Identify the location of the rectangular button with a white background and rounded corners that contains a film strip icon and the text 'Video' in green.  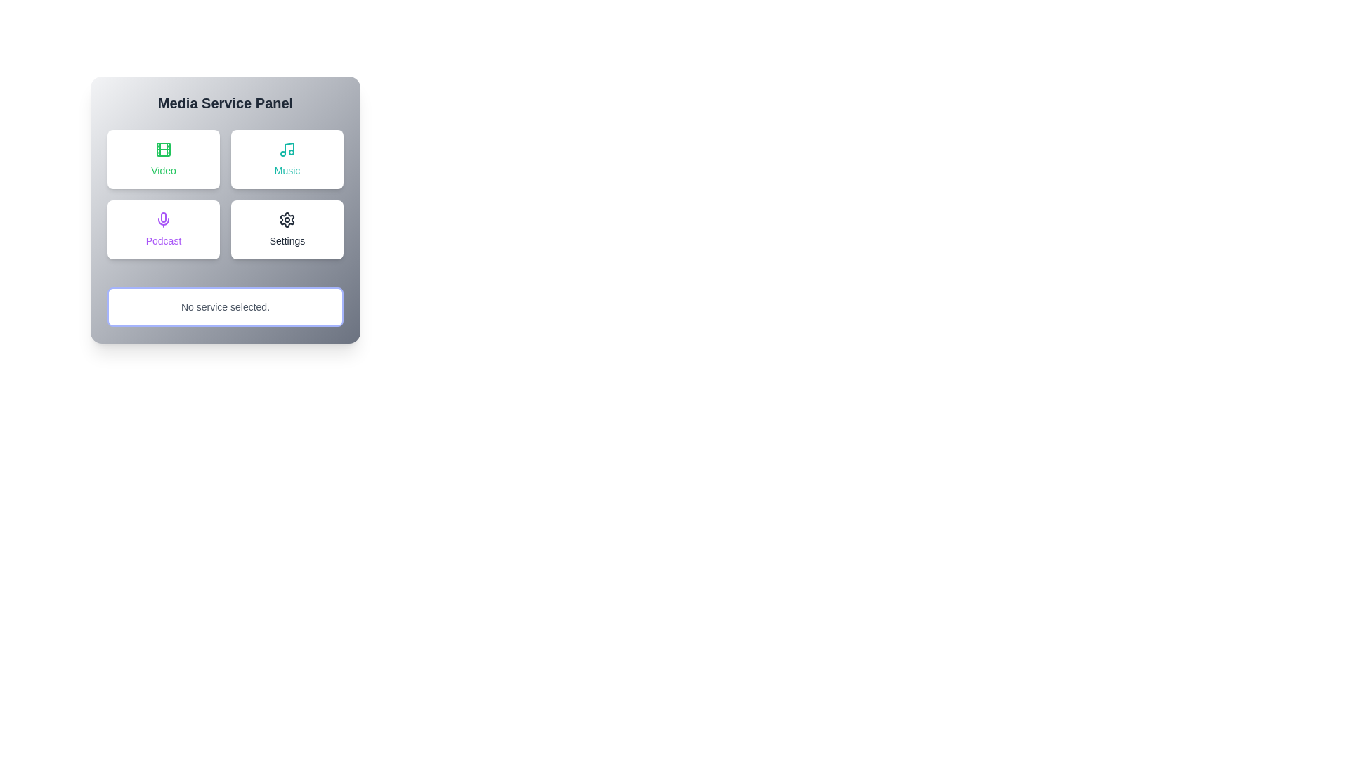
(164, 159).